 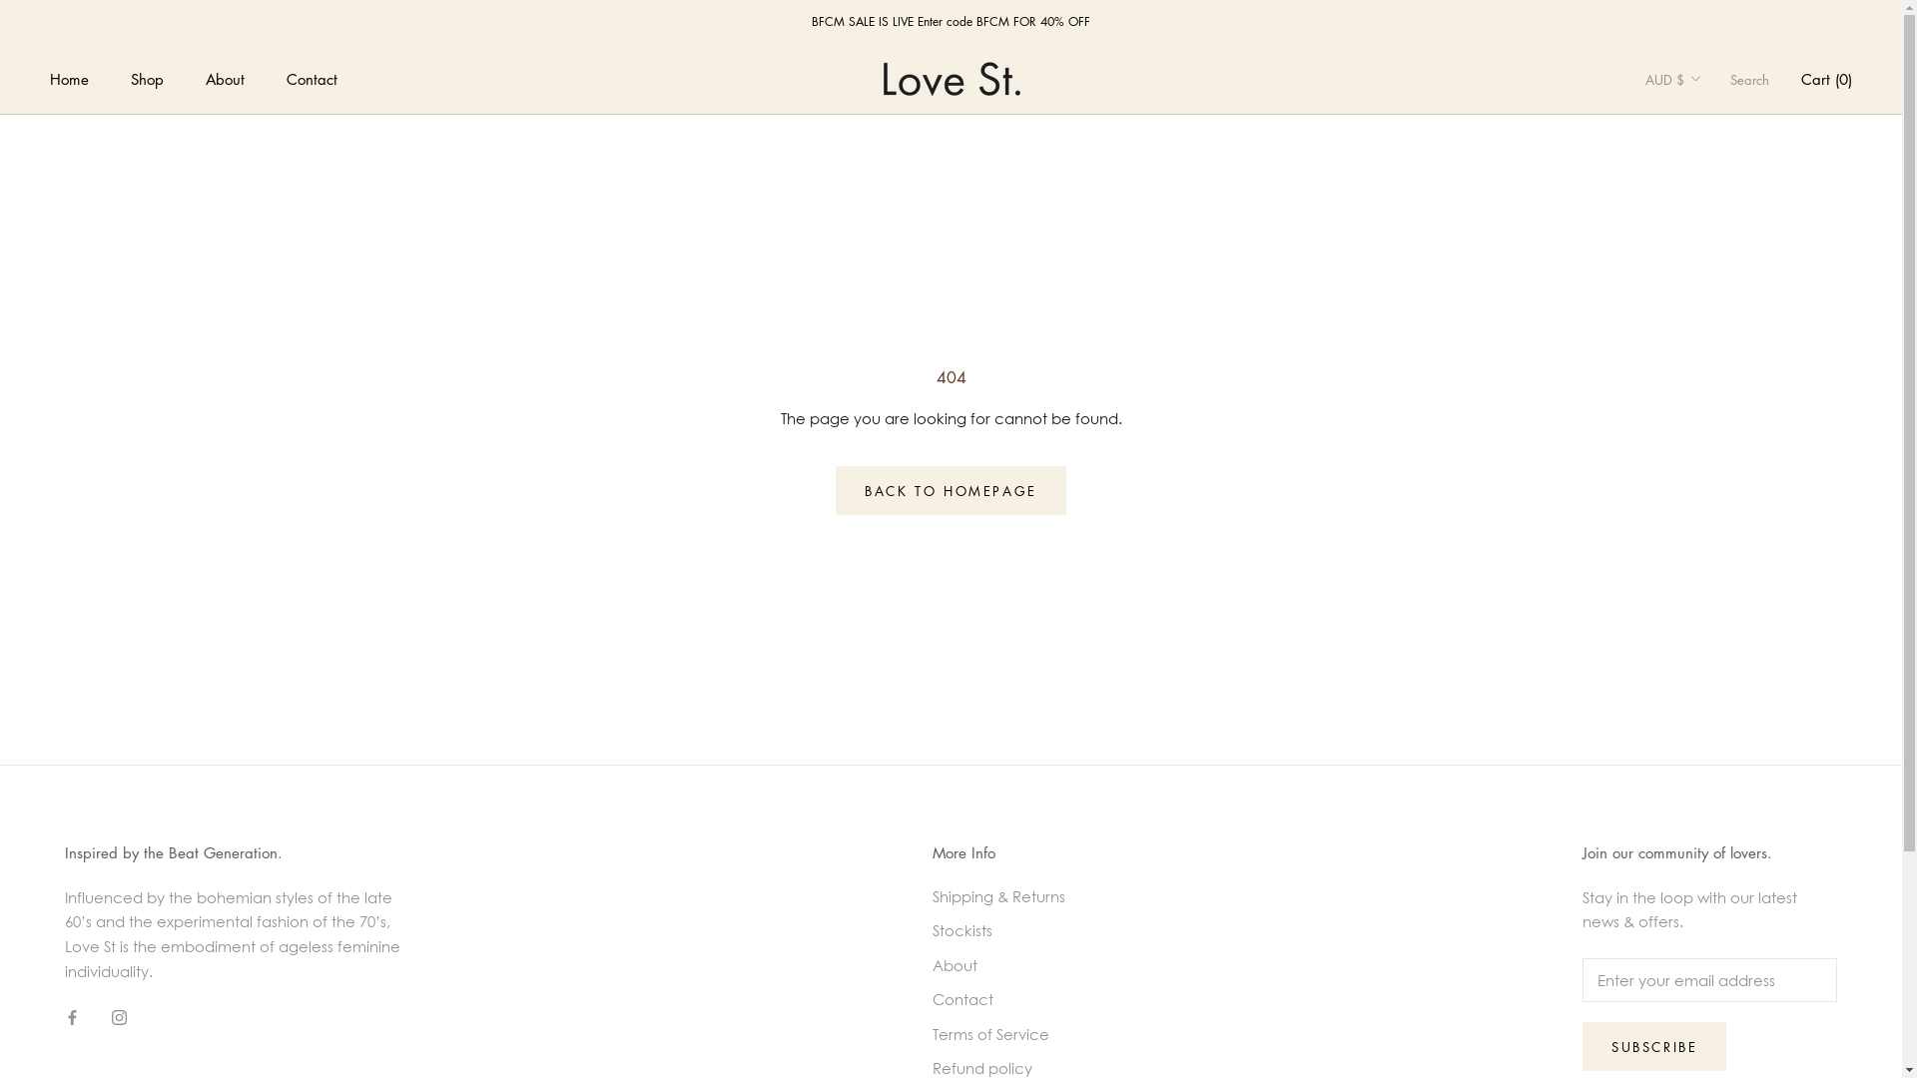 What do you see at coordinates (1704, 783) in the screenshot?
I see `'CNY'` at bounding box center [1704, 783].